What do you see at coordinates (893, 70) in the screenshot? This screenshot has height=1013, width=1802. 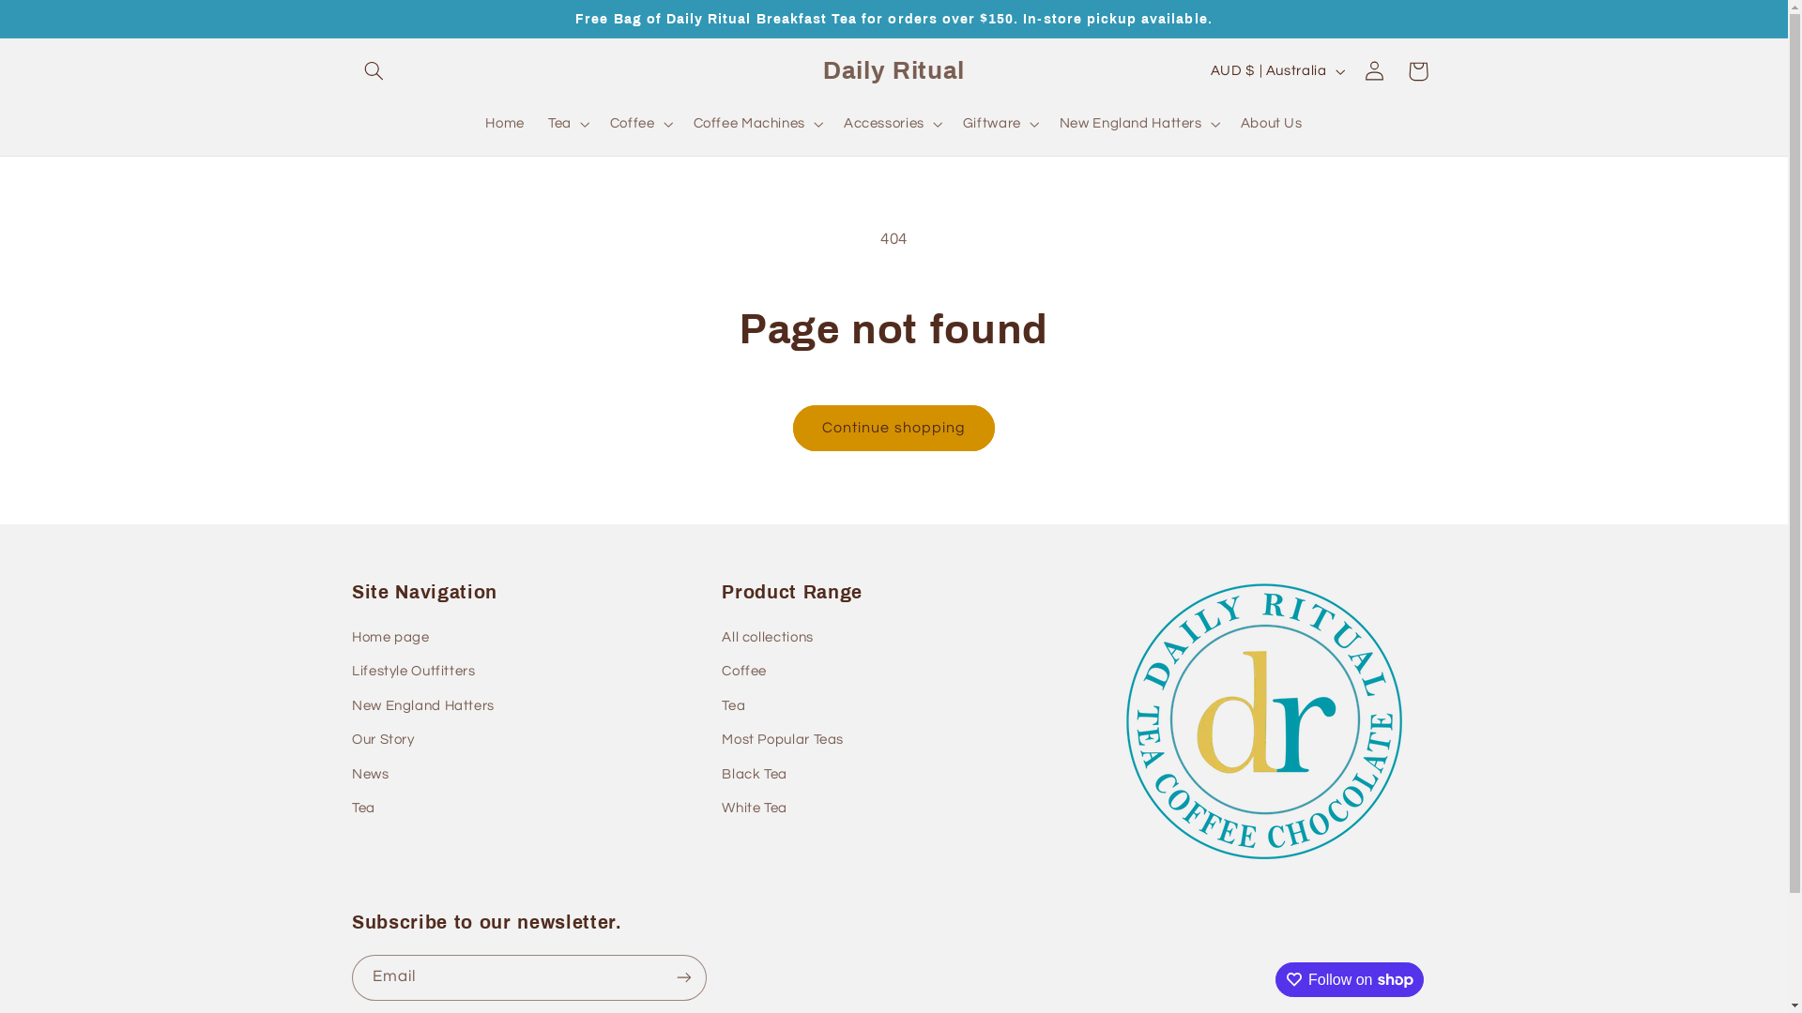 I see `'Daily Ritual'` at bounding box center [893, 70].